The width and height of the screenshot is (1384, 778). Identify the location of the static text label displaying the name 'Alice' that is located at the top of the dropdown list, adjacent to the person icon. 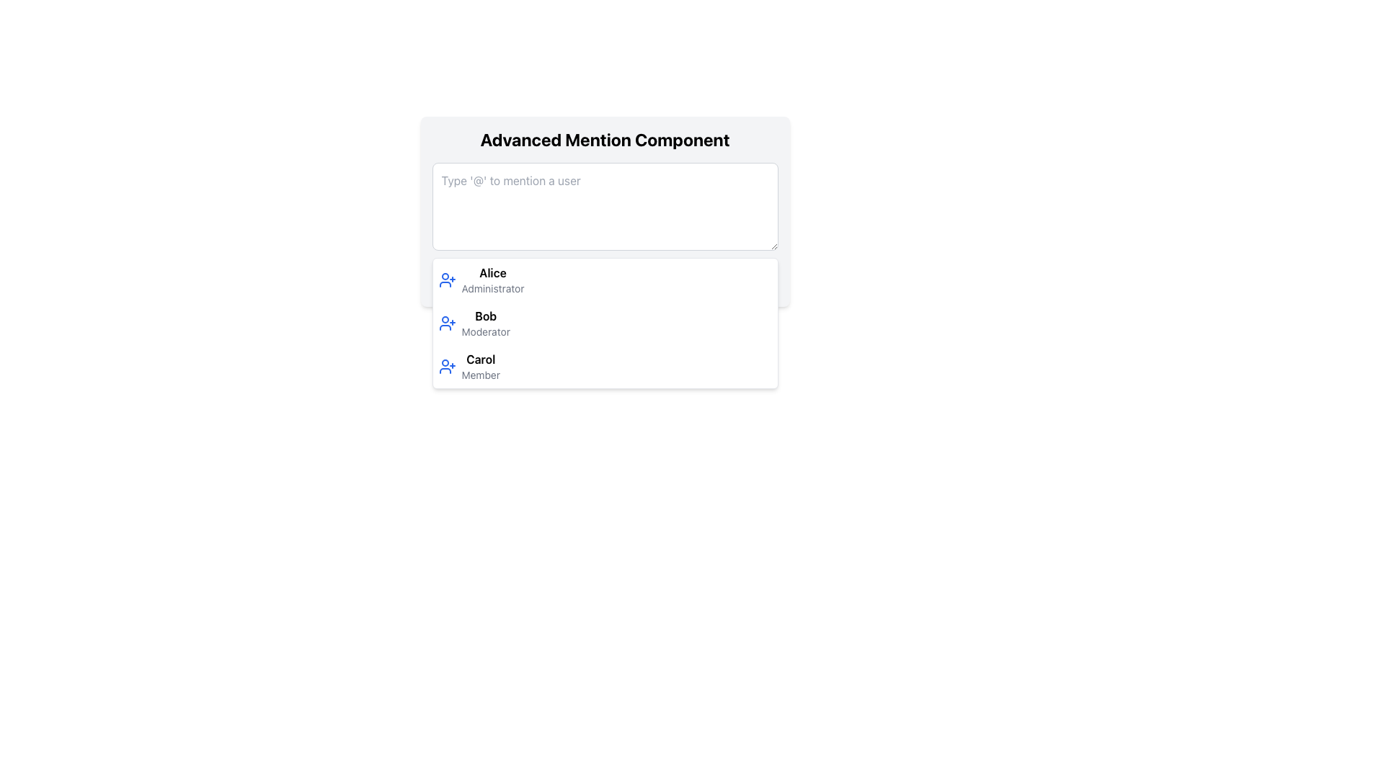
(492, 272).